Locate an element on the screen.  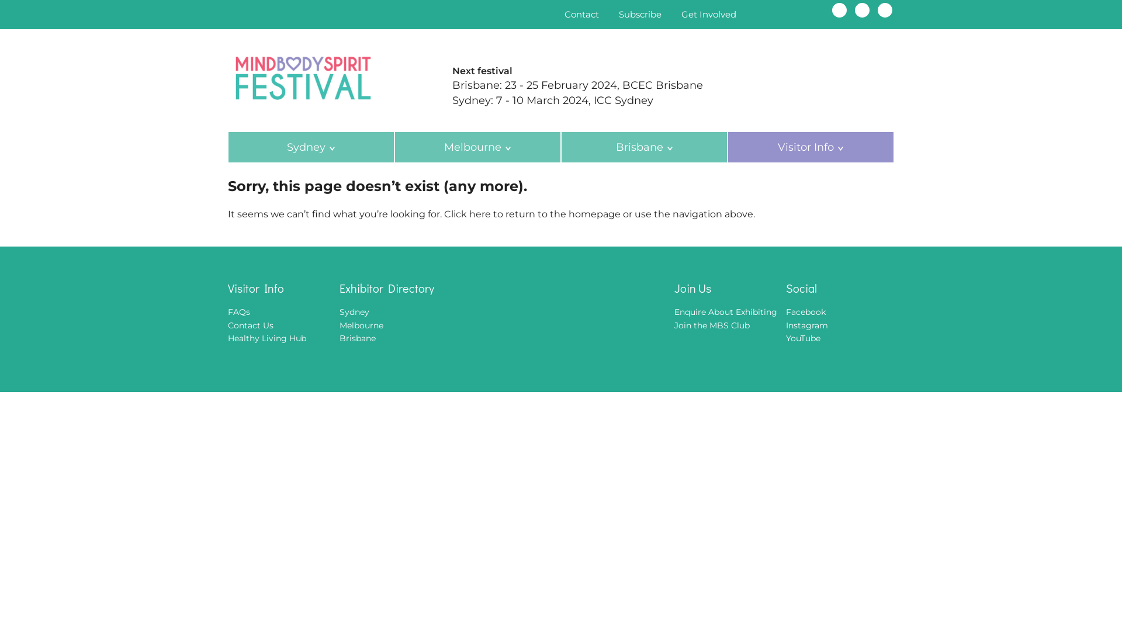
'Sydney' is located at coordinates (354, 311).